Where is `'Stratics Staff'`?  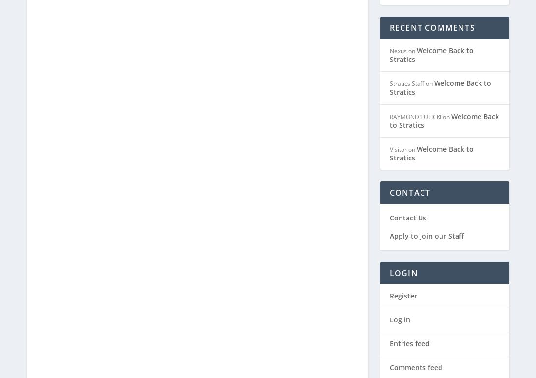
'Stratics Staff' is located at coordinates (406, 29).